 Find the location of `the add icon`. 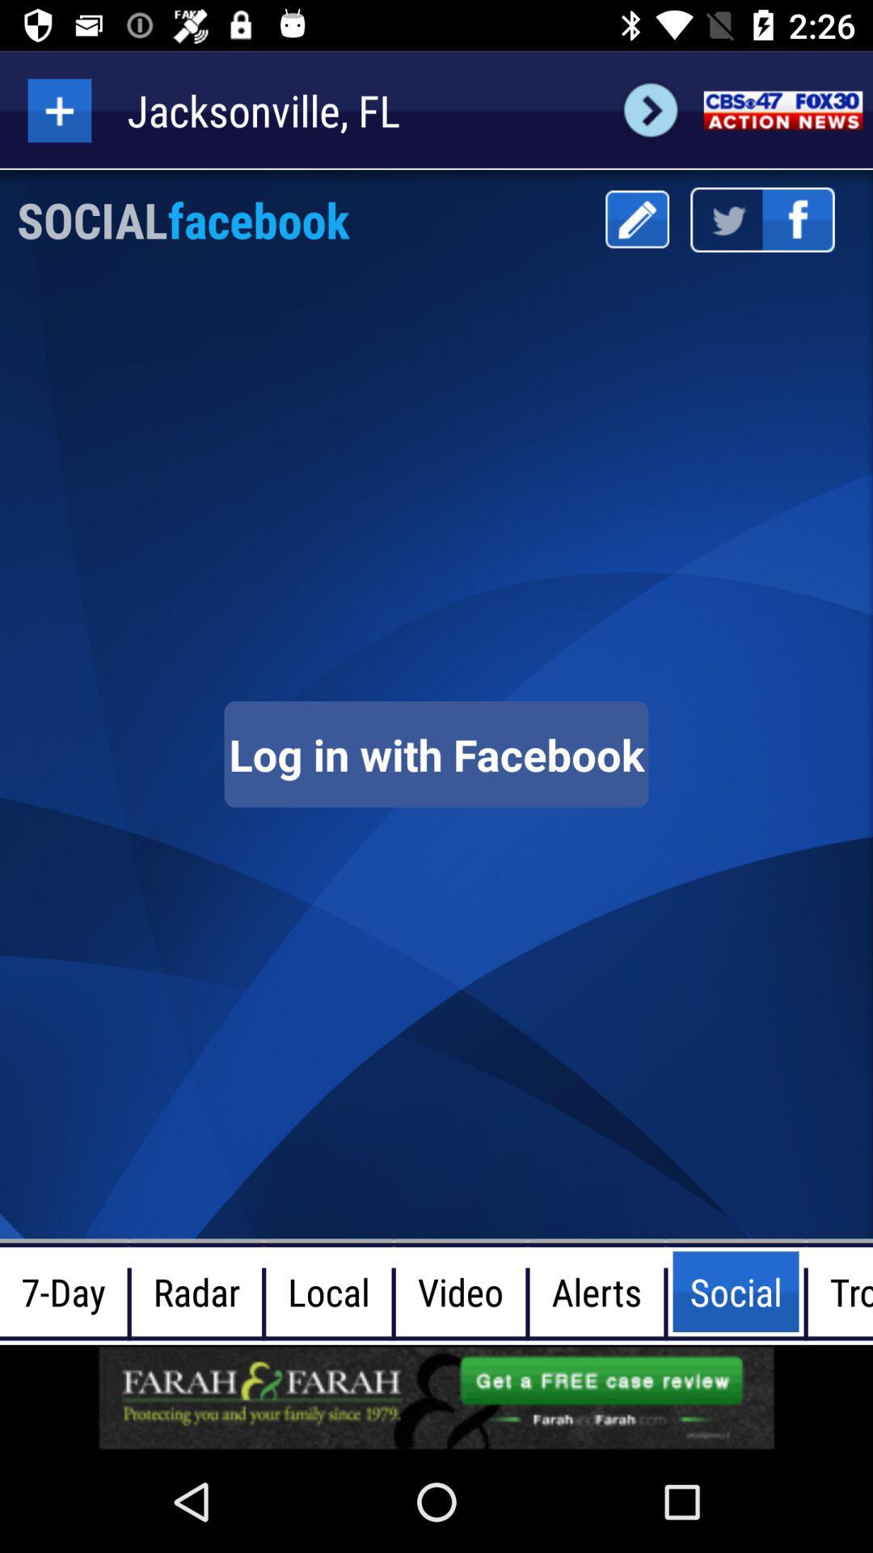

the add icon is located at coordinates (58, 109).